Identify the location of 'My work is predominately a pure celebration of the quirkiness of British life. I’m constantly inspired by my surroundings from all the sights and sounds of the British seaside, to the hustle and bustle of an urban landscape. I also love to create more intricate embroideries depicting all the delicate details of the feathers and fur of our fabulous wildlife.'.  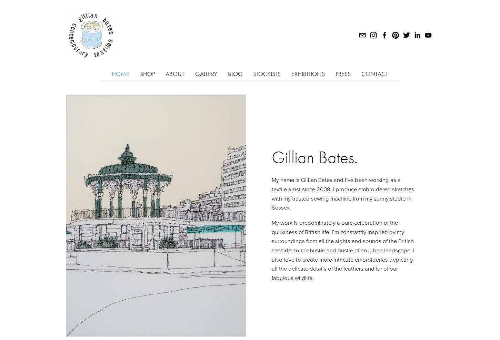
(271, 250).